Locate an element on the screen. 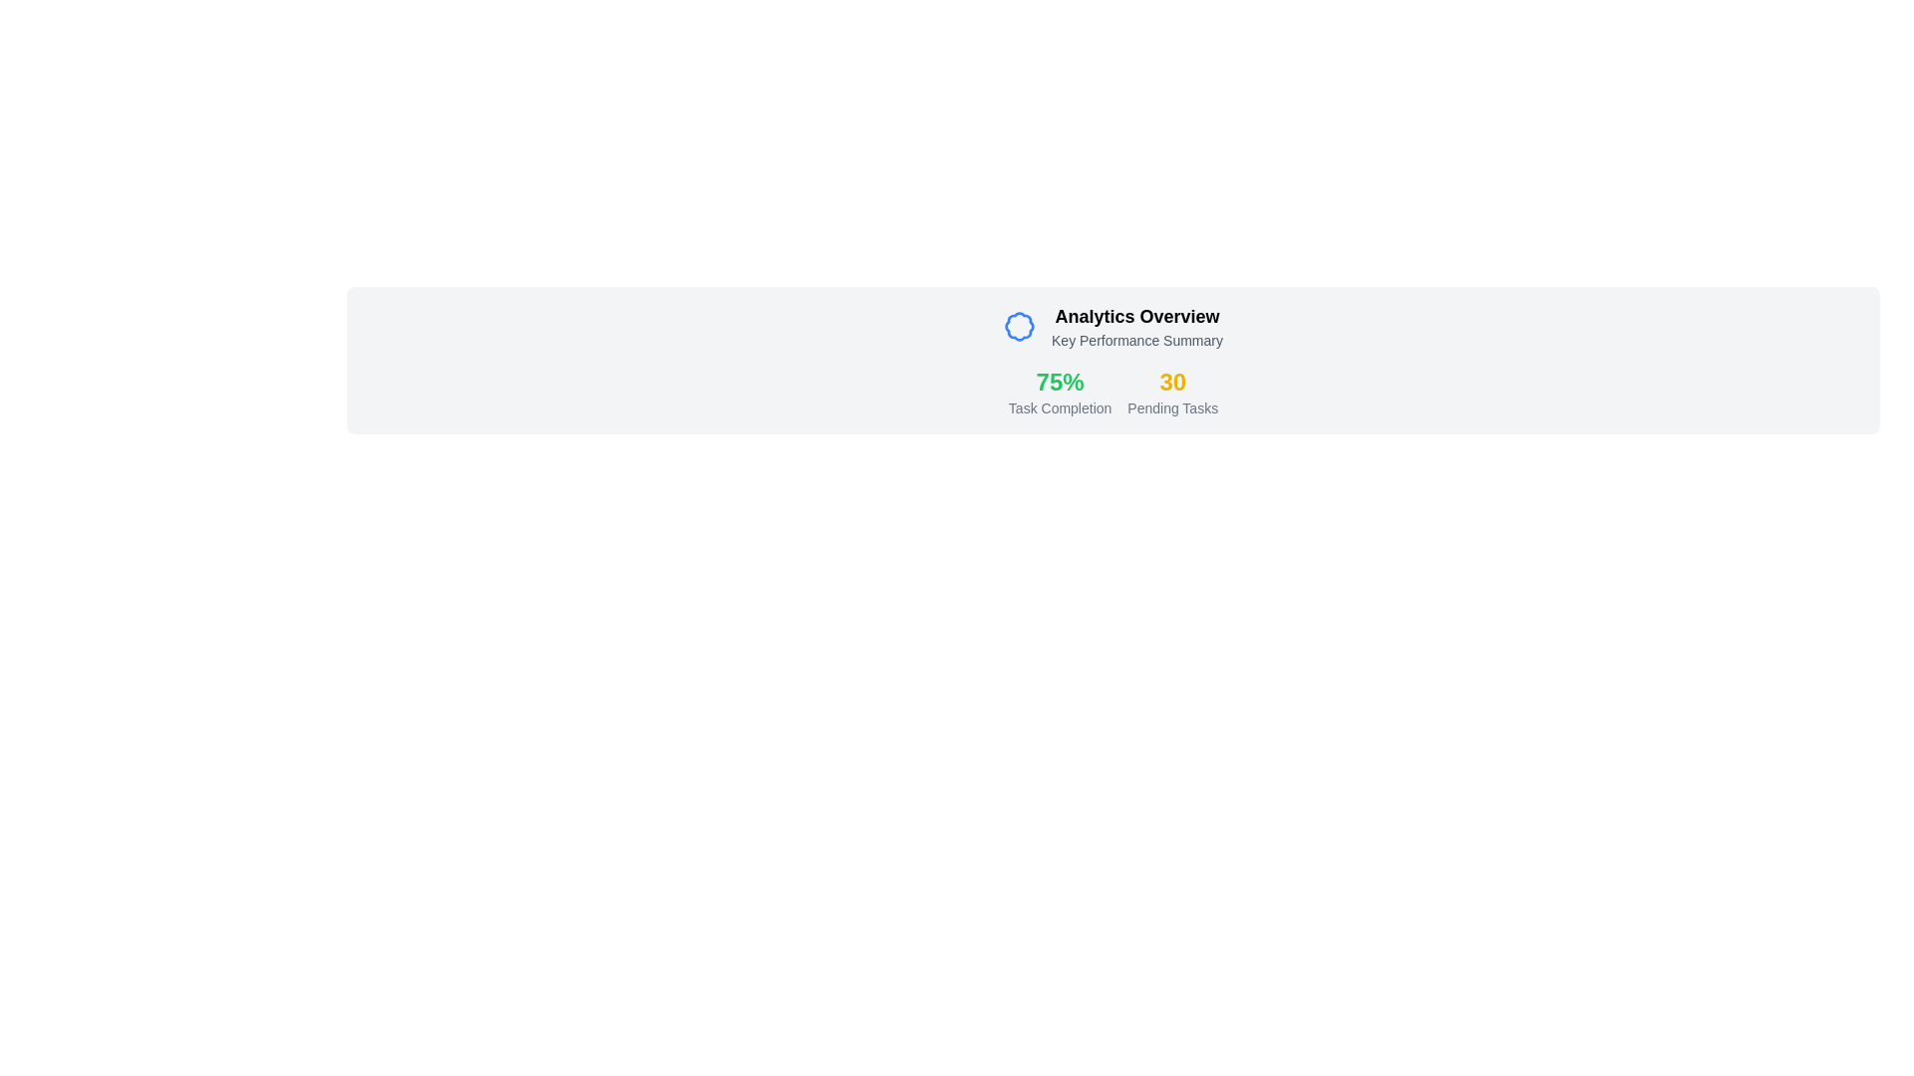  the text label that provides context for the adjacent numerical value '30', which is displayed in a larger font size and styled with a yellow hue is located at coordinates (1172, 406).